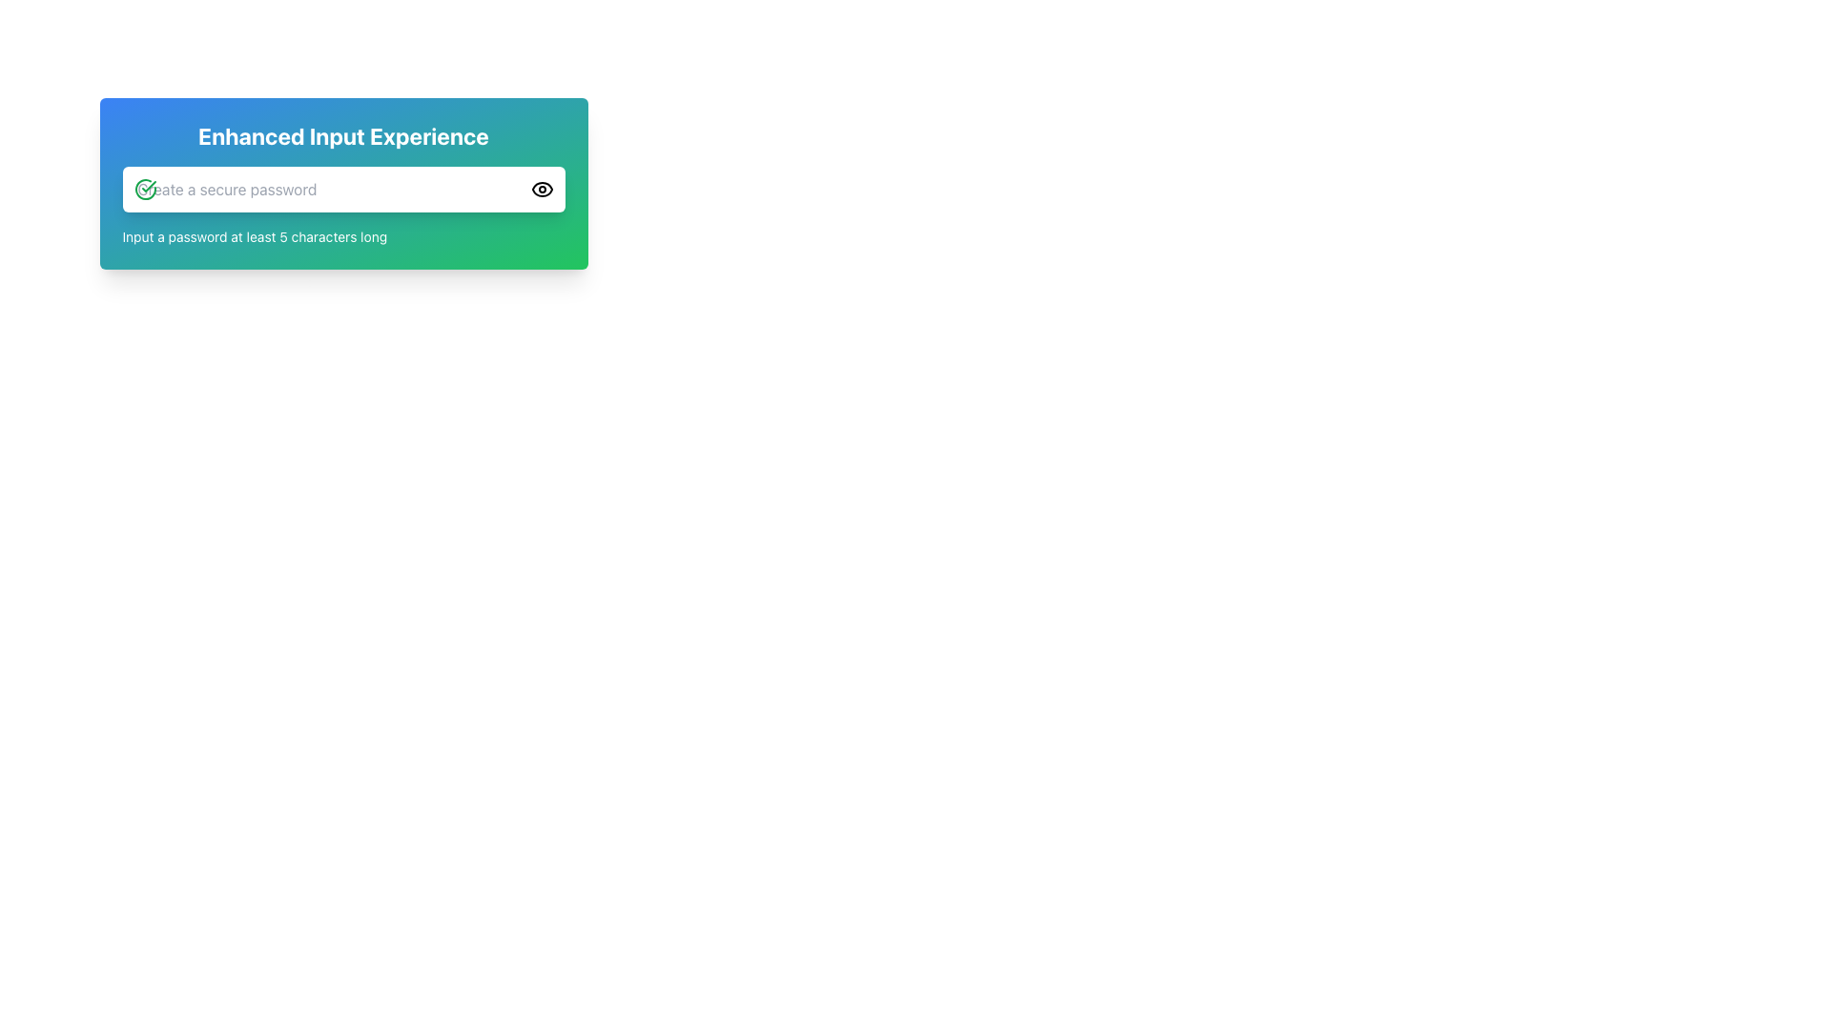  I want to click on the instructional text element located directly below the password input box, which provides guidance for creating a password, so click(254, 236).